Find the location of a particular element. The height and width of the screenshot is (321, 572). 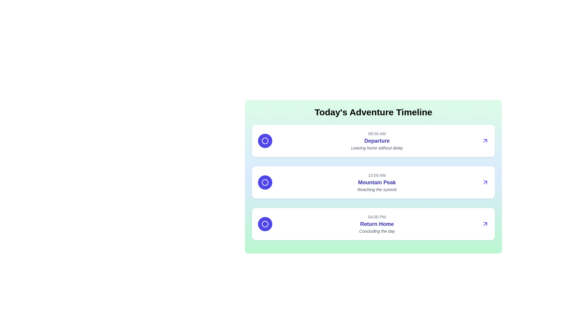

the textual information block in the timeline UI card that displays the timestamp '08:00 AM', title 'Departure', and description 'Leaving home without delay' is located at coordinates (377, 141).